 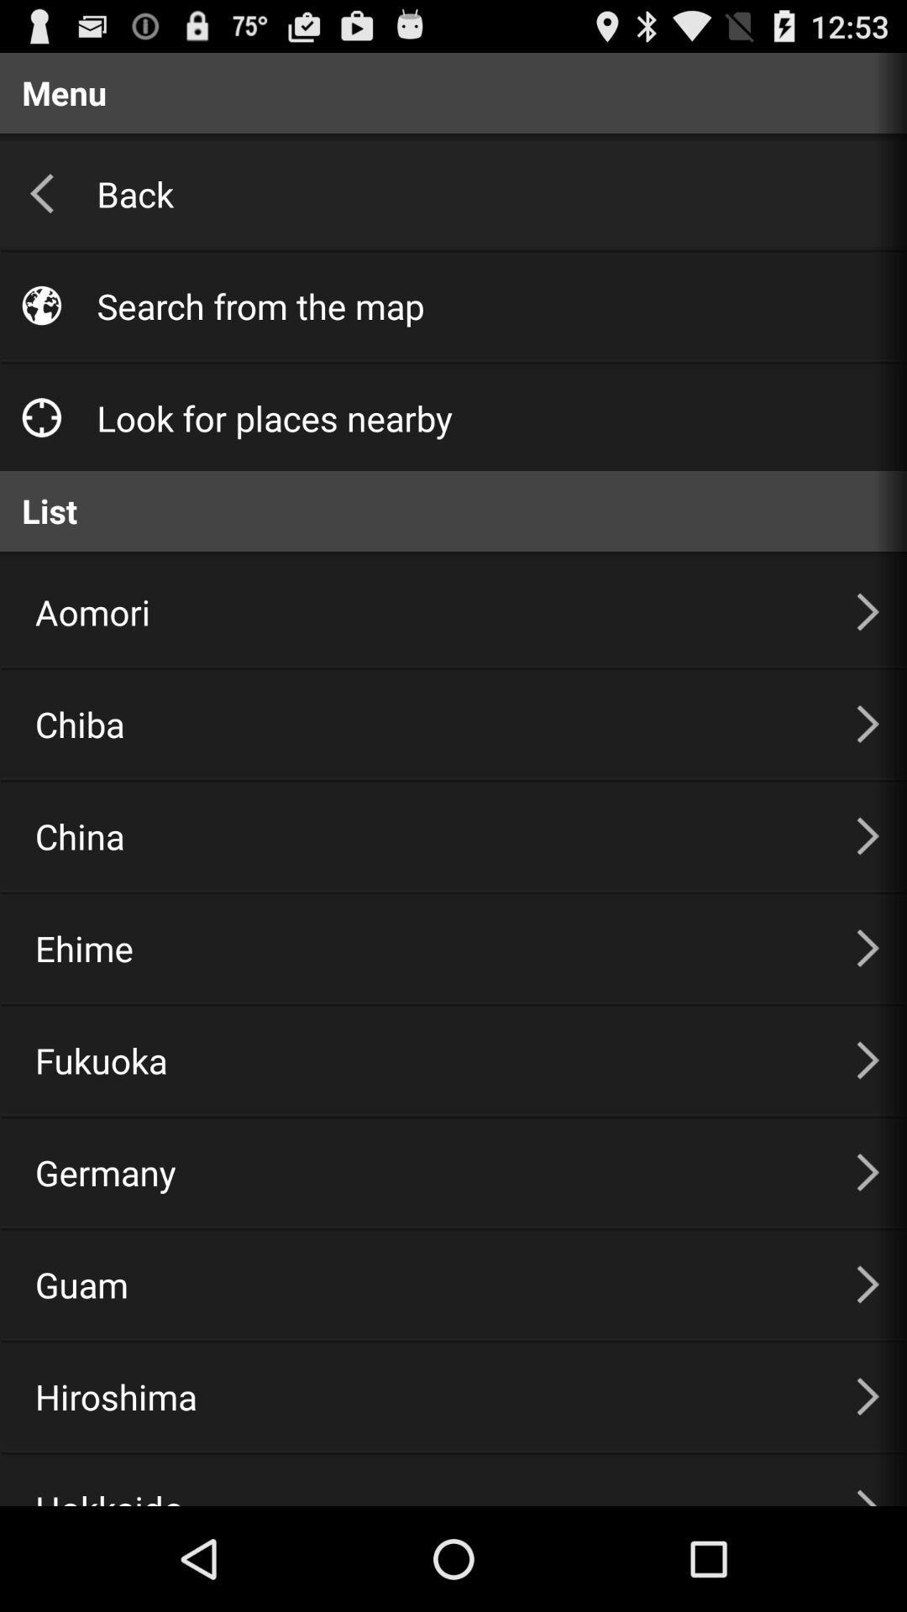 I want to click on the hokkaido item, so click(x=424, y=1480).